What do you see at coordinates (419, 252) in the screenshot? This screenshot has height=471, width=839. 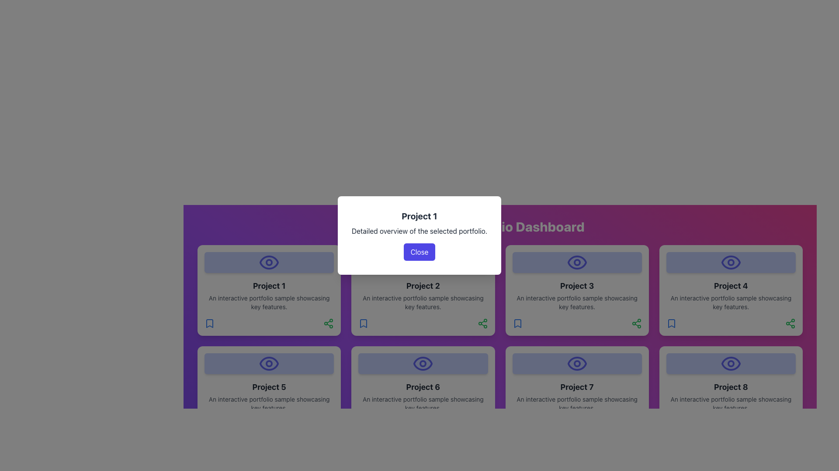 I see `the close button located at the bottom center of the modal titled 'Project 1' to provide visual feedback` at bounding box center [419, 252].